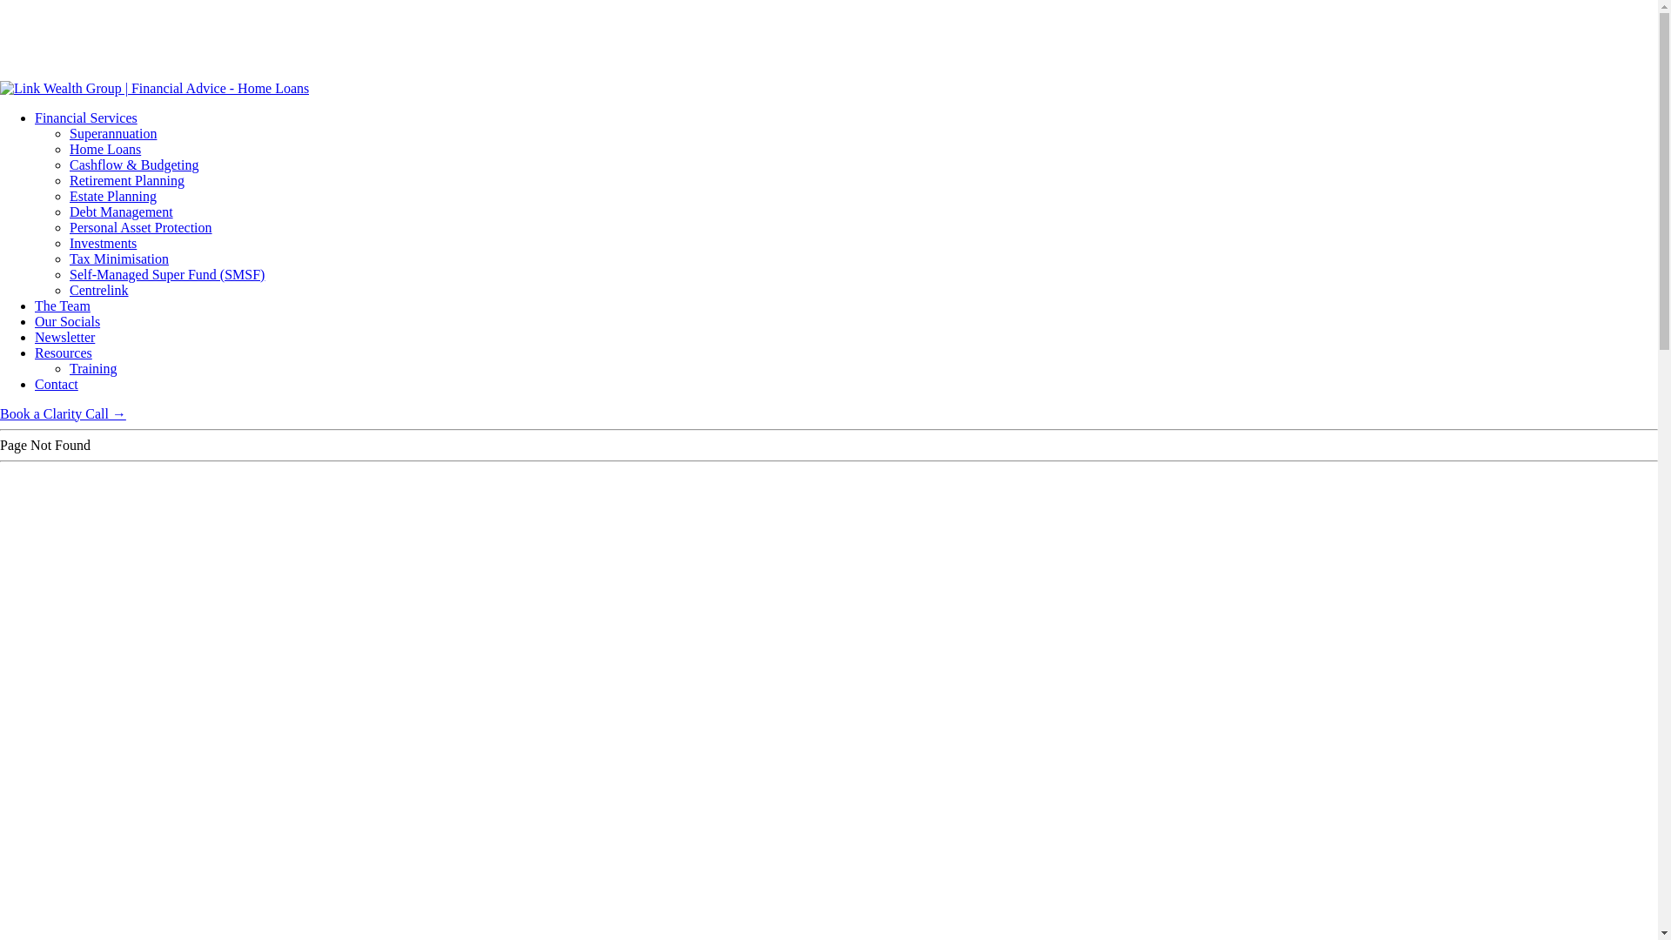 The height and width of the screenshot is (940, 1671). I want to click on 'Debt Management', so click(70, 211).